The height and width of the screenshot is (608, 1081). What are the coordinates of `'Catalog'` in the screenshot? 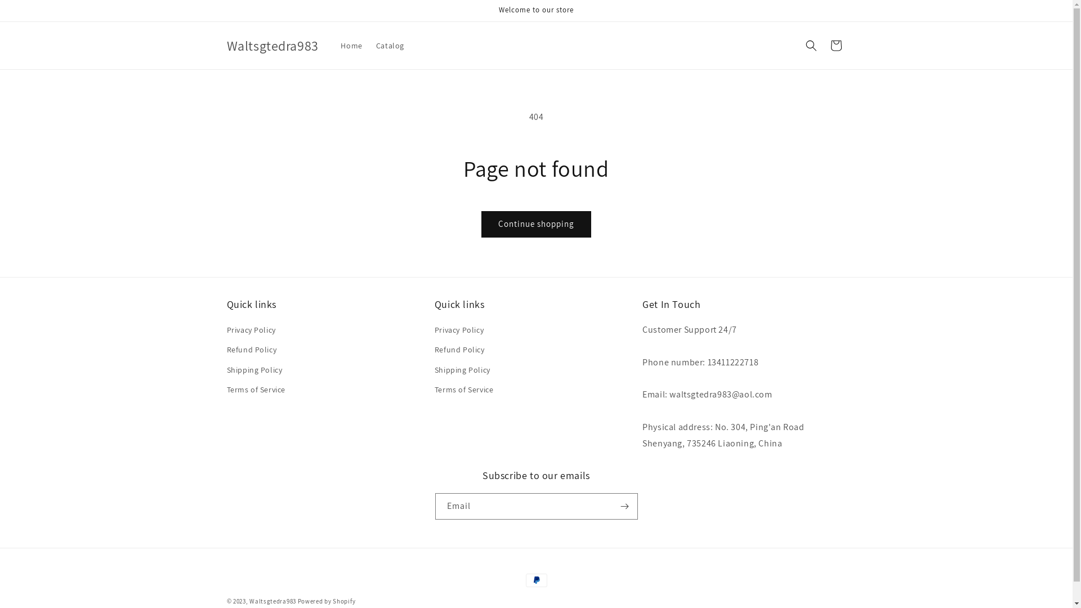 It's located at (390, 45).